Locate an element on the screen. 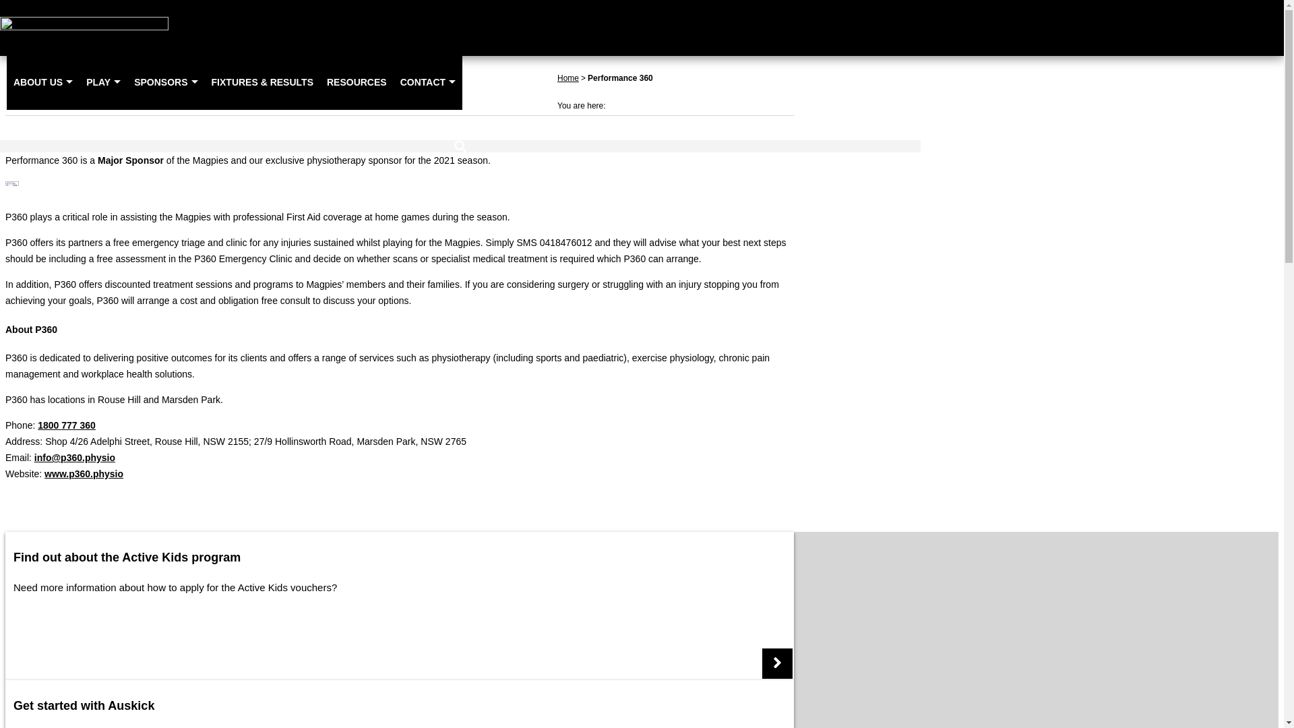  'www.p360.physio' is located at coordinates (83, 473).